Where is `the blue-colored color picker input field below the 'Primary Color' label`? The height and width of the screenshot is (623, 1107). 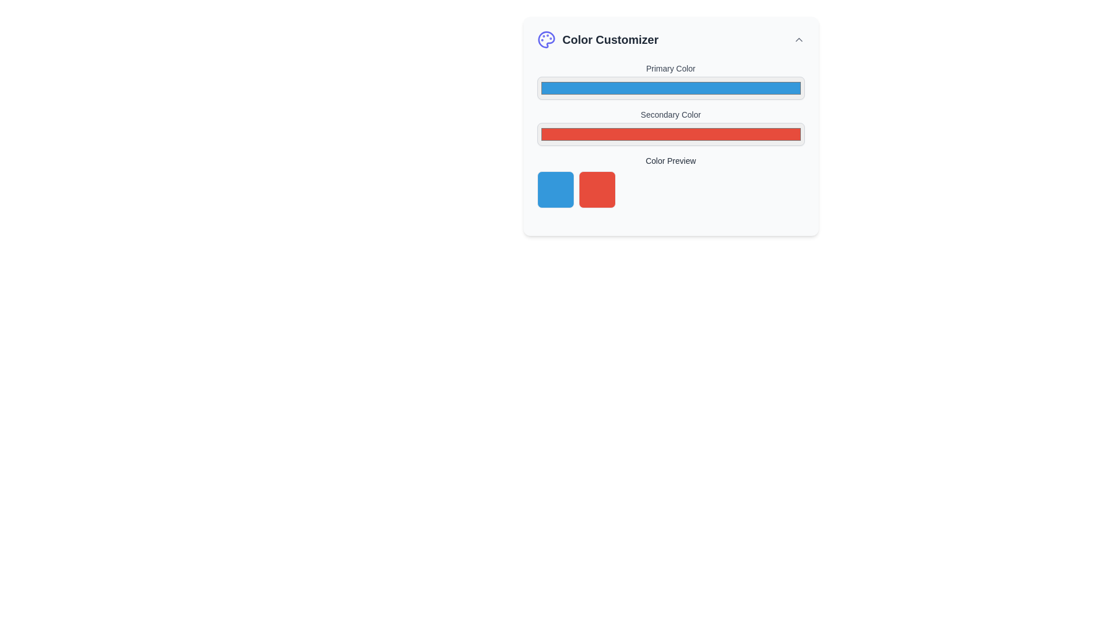
the blue-colored color picker input field below the 'Primary Color' label is located at coordinates (671, 88).